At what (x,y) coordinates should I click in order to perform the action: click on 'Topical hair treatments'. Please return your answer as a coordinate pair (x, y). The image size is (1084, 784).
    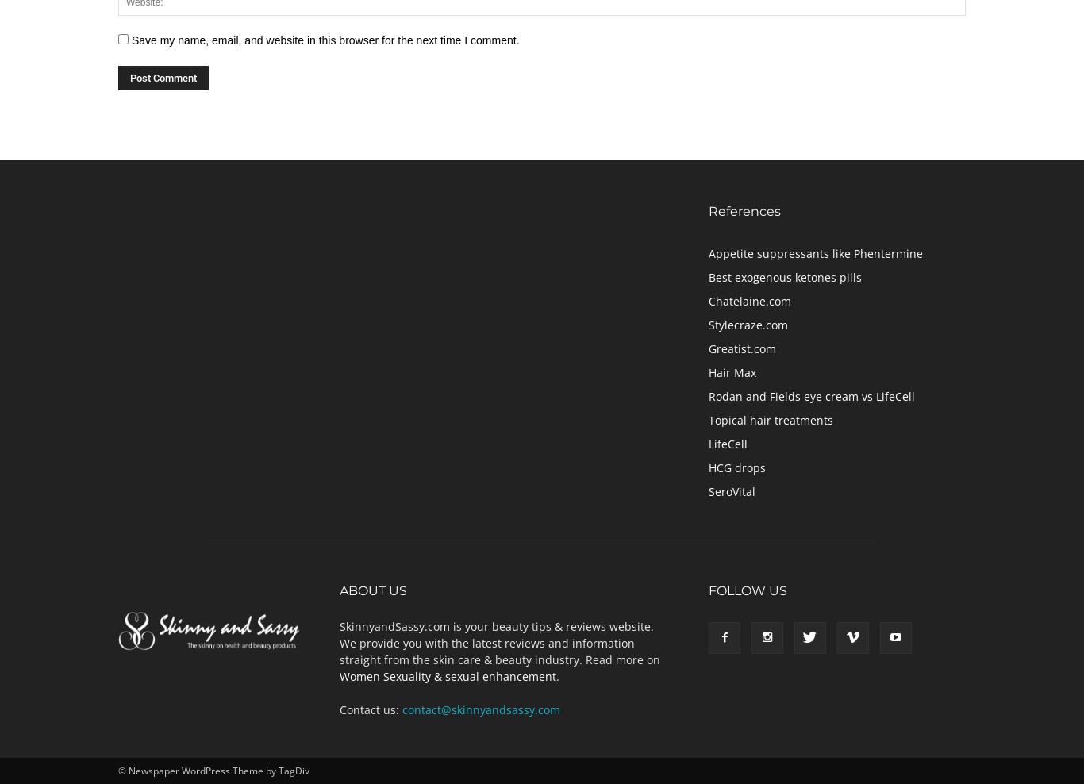
    Looking at the image, I should click on (771, 418).